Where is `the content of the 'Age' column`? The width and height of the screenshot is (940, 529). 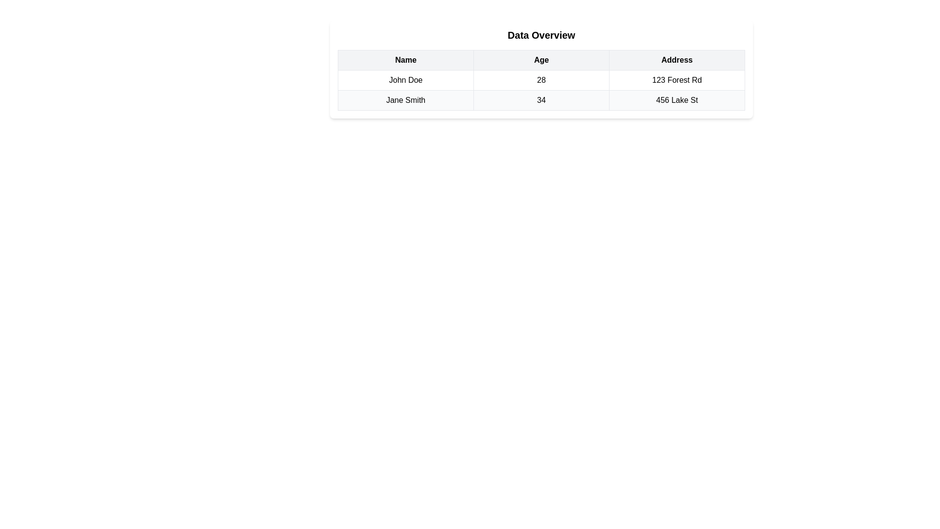 the content of the 'Age' column is located at coordinates (540, 69).